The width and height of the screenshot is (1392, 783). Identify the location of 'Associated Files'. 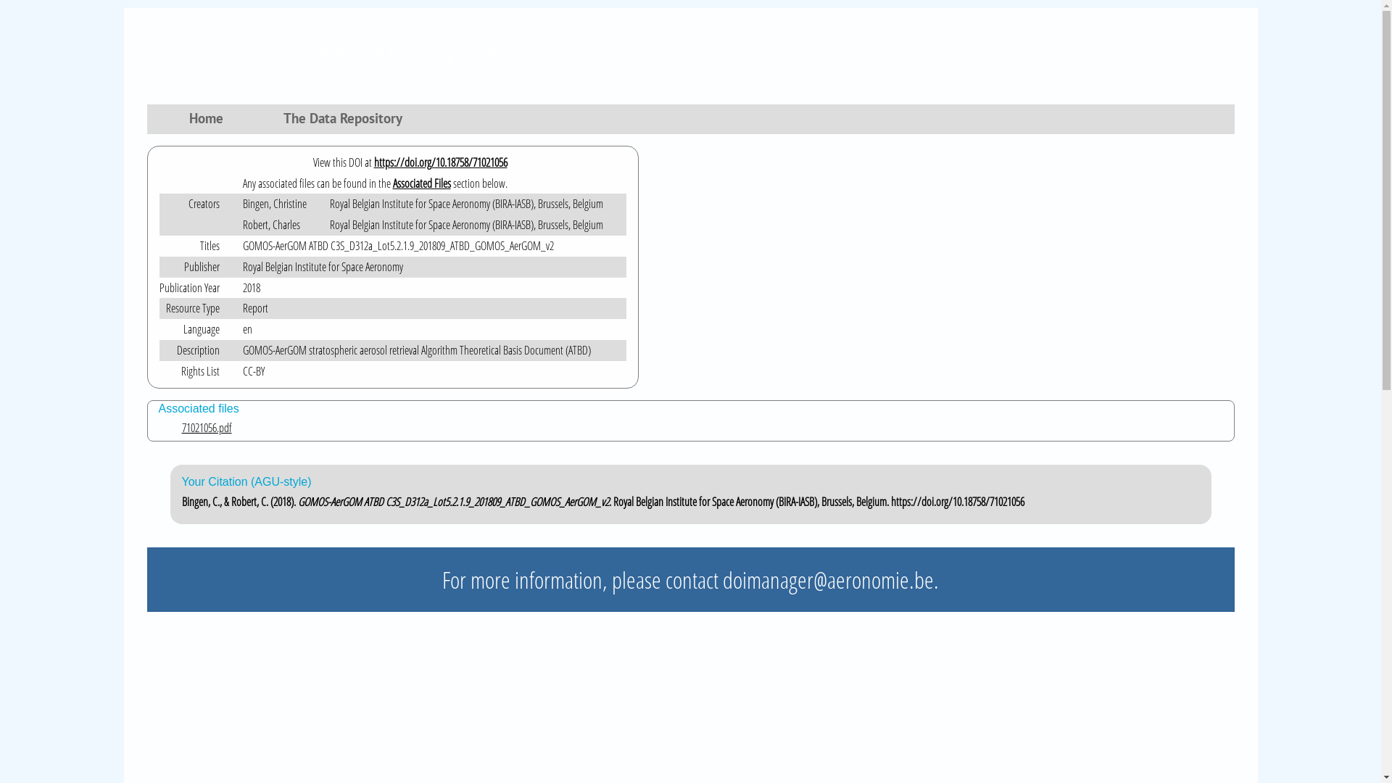
(420, 183).